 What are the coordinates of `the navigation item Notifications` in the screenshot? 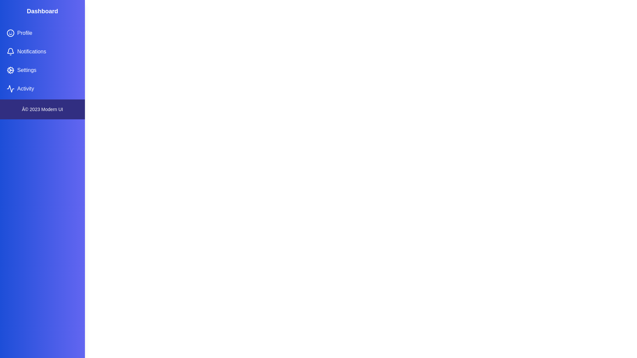 It's located at (42, 51).